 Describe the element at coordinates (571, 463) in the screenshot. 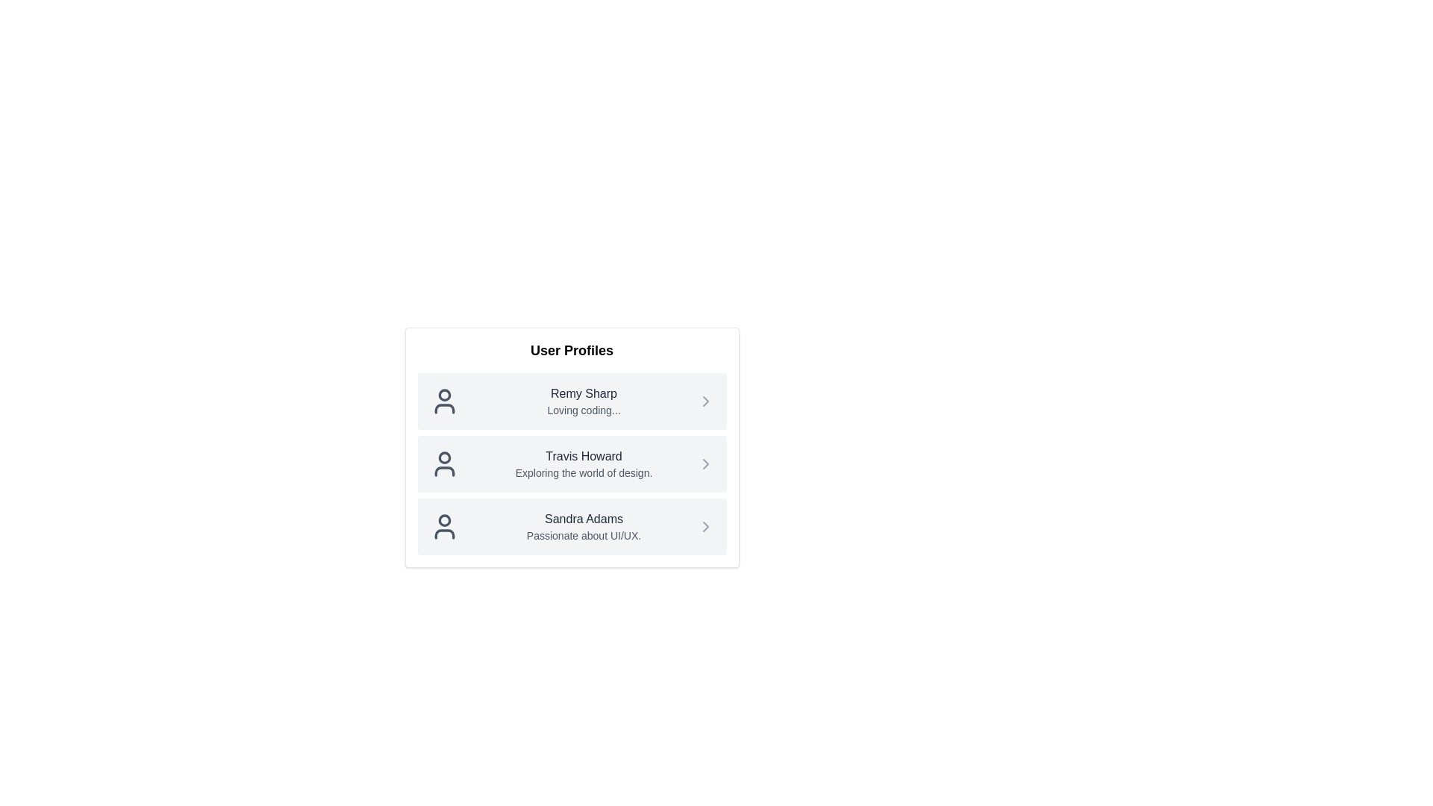

I see `the user profile summary card displaying the name 'Travis Howard' and the description 'Exploring the world of design.', which is the second card in a vertical list between the first card 'Remy Sharp' and the third card 'Sandra Adams'` at that location.